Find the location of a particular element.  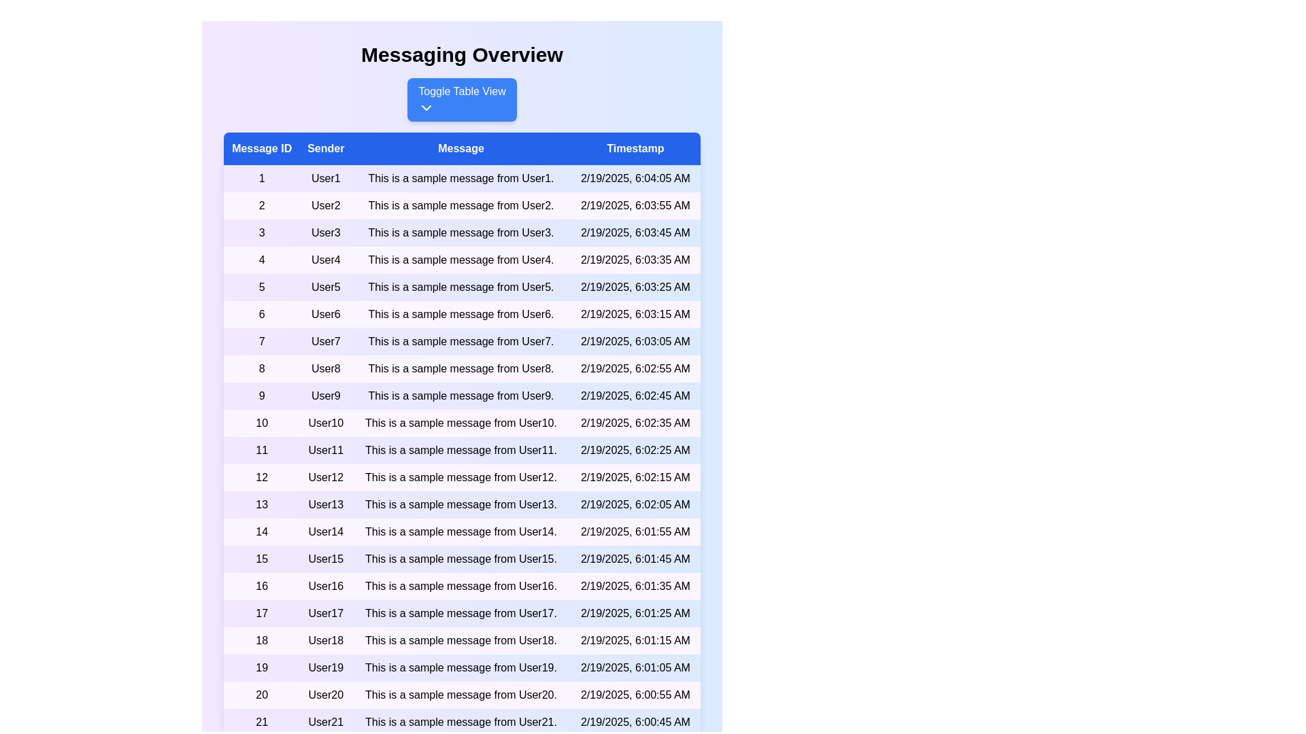

'Toggle Table View' button to toggle the table view visibility is located at coordinates (462, 99).